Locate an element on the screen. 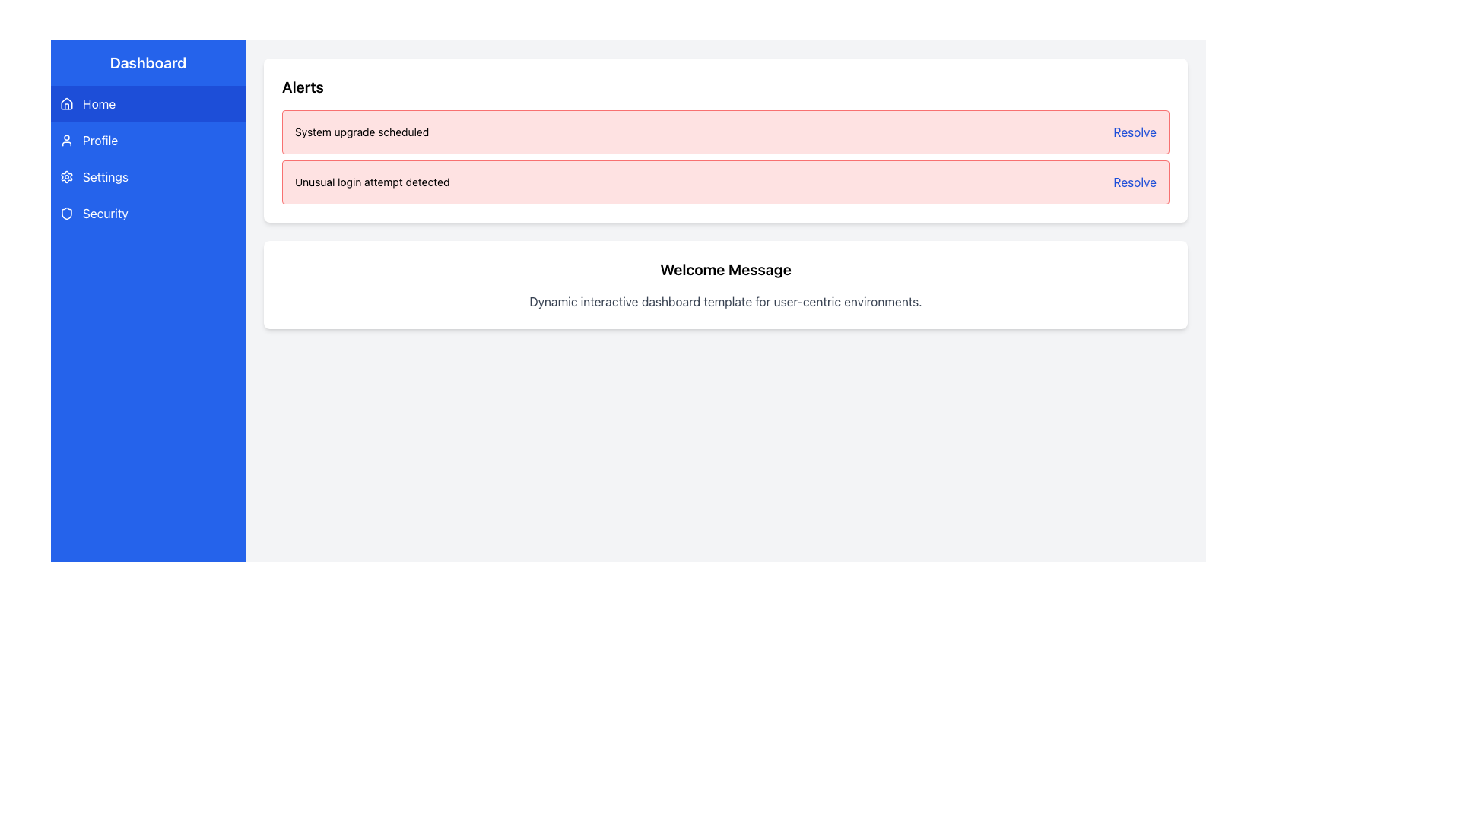 The height and width of the screenshot is (821, 1460). the navigation button located in the vertical menu, which redirects to the 'Security' section of the application is located at coordinates (148, 214).